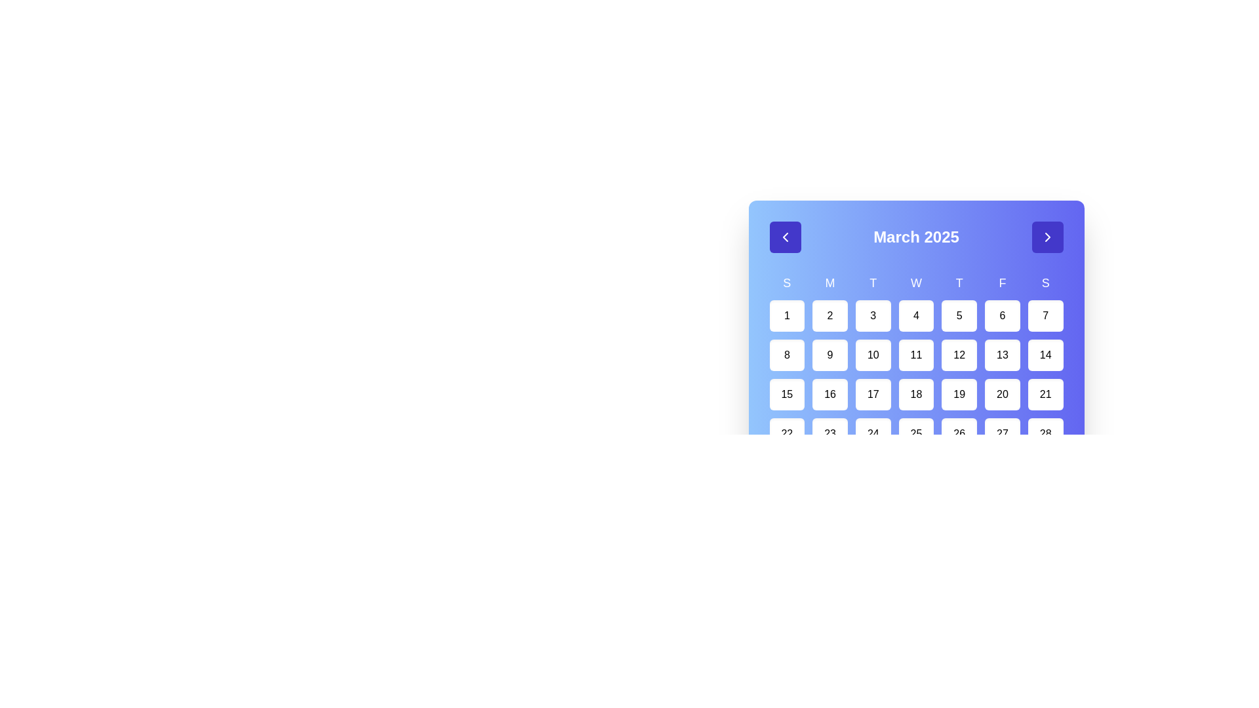 Image resolution: width=1259 pixels, height=708 pixels. Describe the element at coordinates (915, 434) in the screenshot. I see `the selectable date button '25' in the calendar interface to trigger visual feedback` at that location.